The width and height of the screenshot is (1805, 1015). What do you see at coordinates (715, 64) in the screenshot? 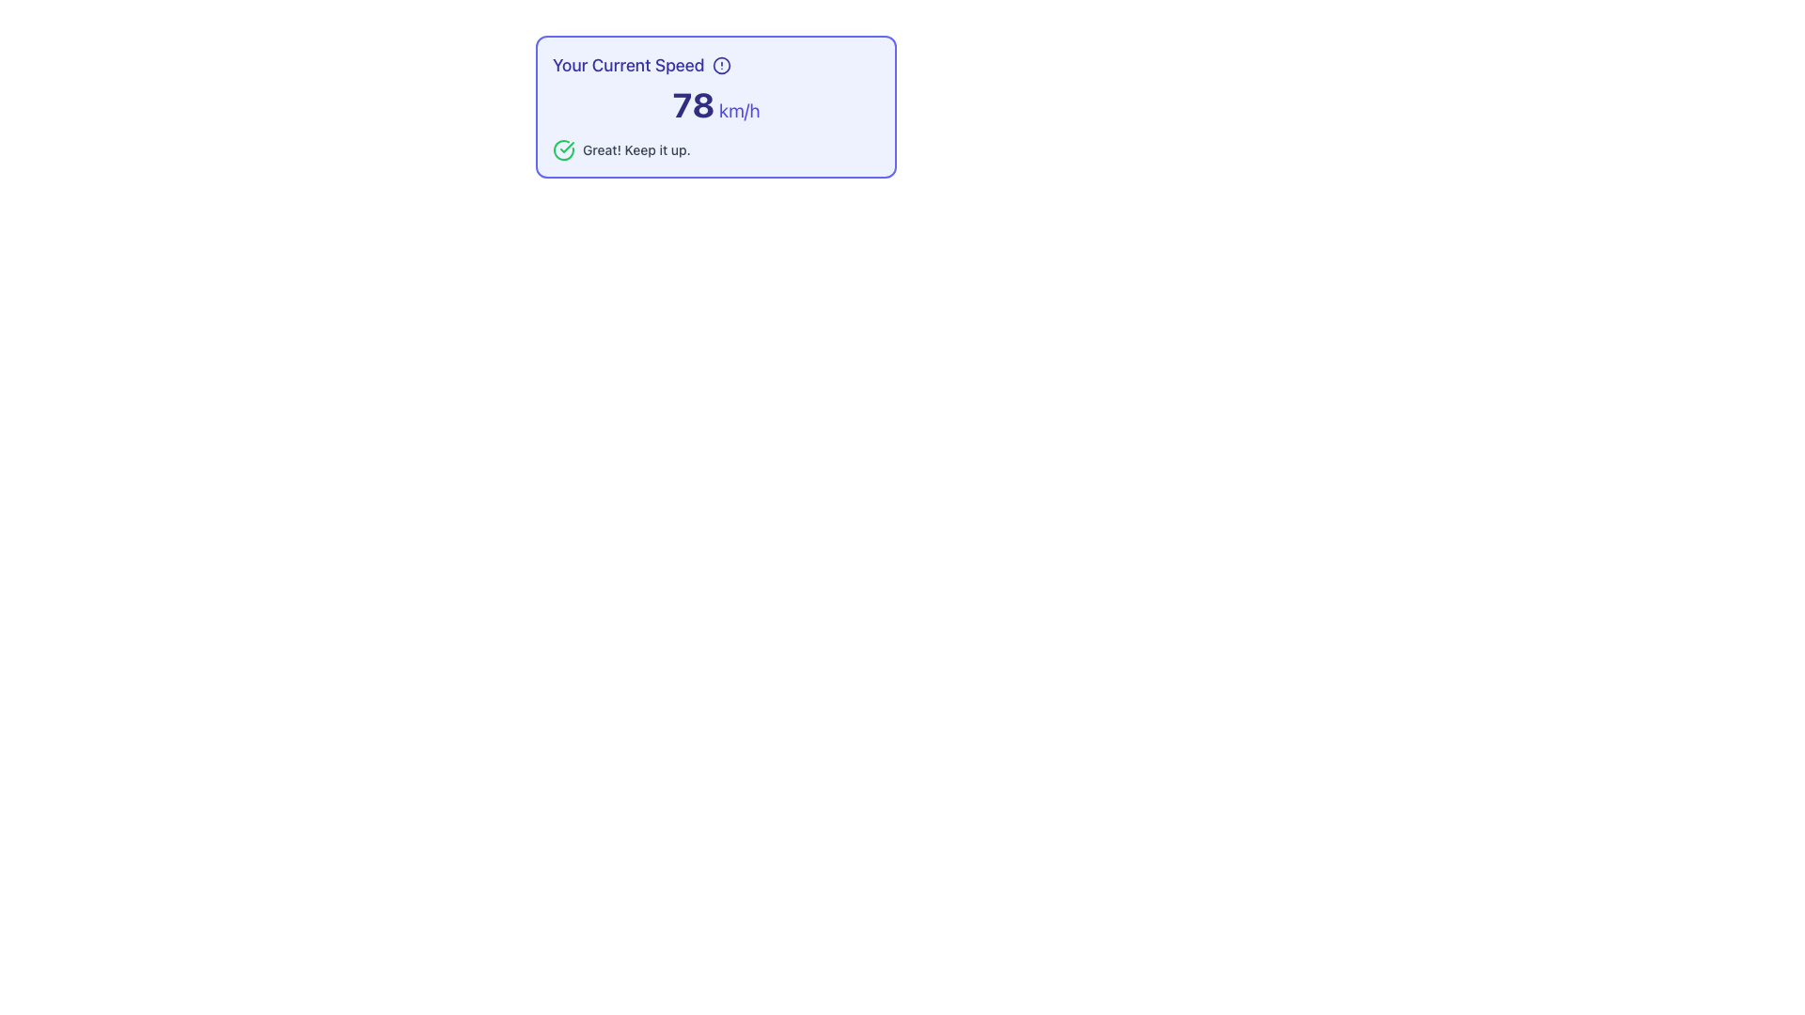
I see `the Text Label with Icon that indicates the user's current speed, positioned at the top of the bordered card-like box` at bounding box center [715, 64].